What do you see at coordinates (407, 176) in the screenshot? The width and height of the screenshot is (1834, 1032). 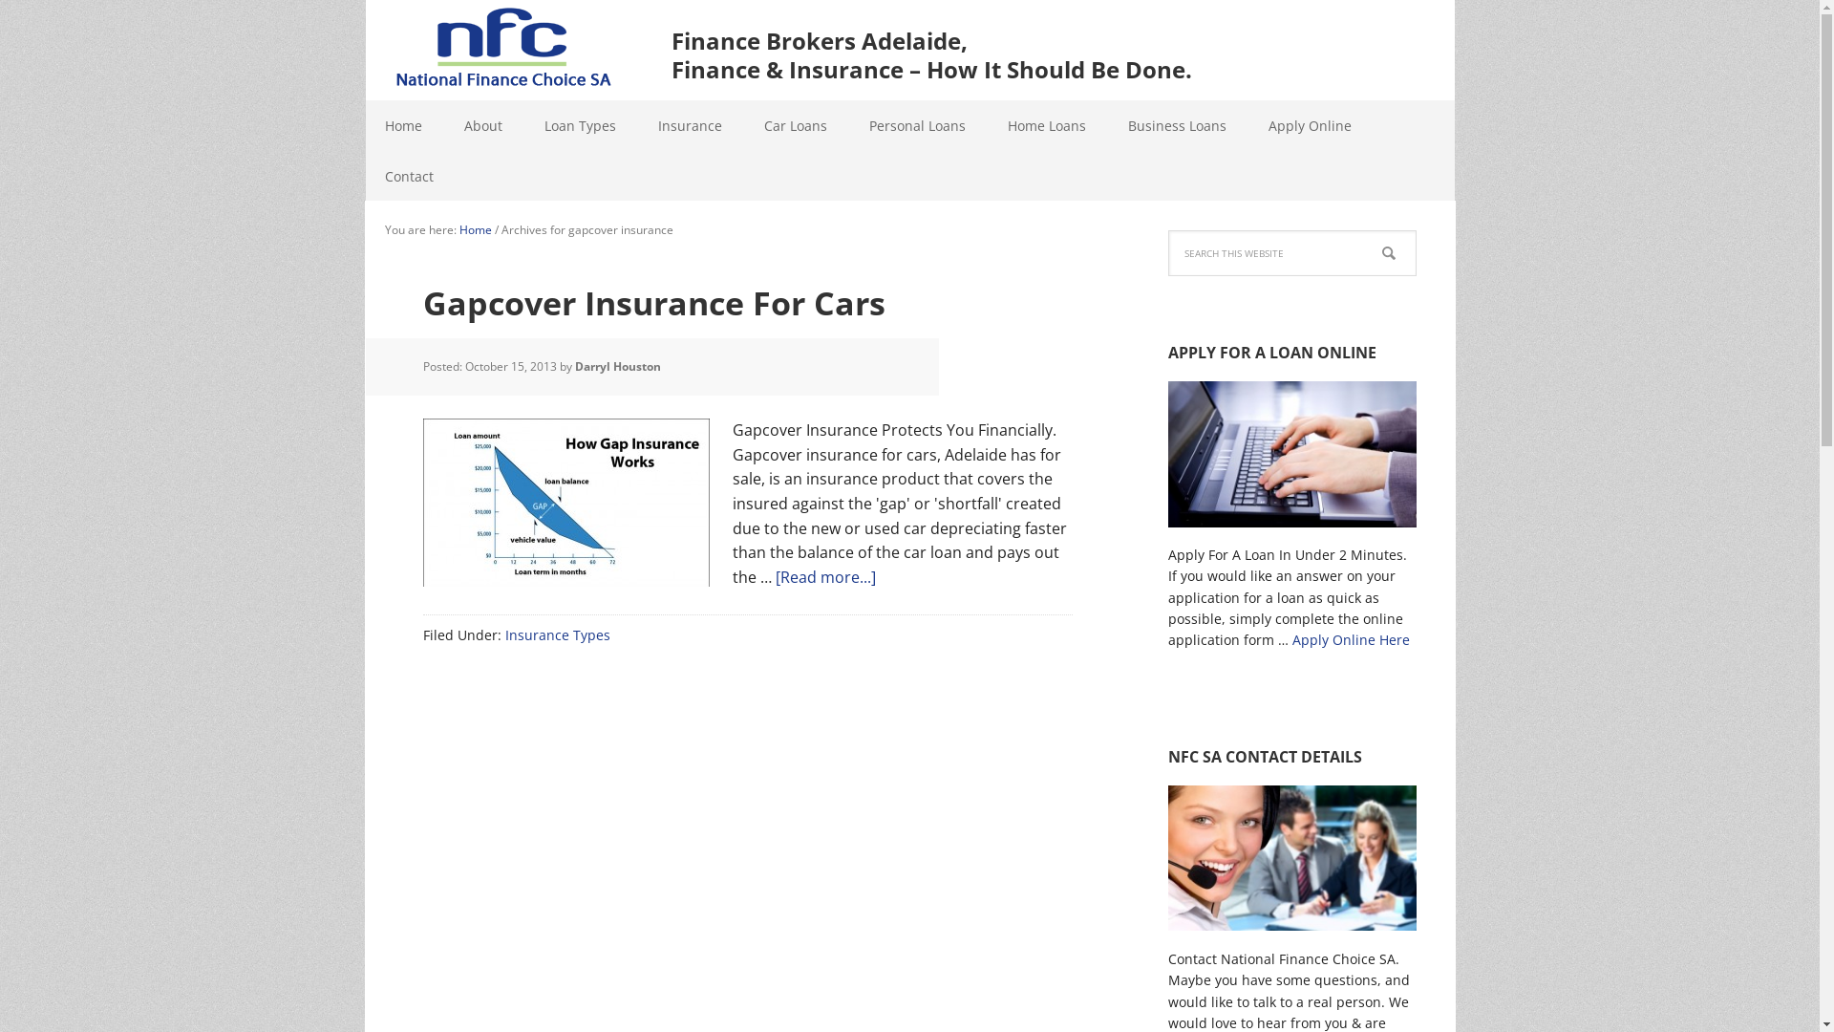 I see `'Contact'` at bounding box center [407, 176].